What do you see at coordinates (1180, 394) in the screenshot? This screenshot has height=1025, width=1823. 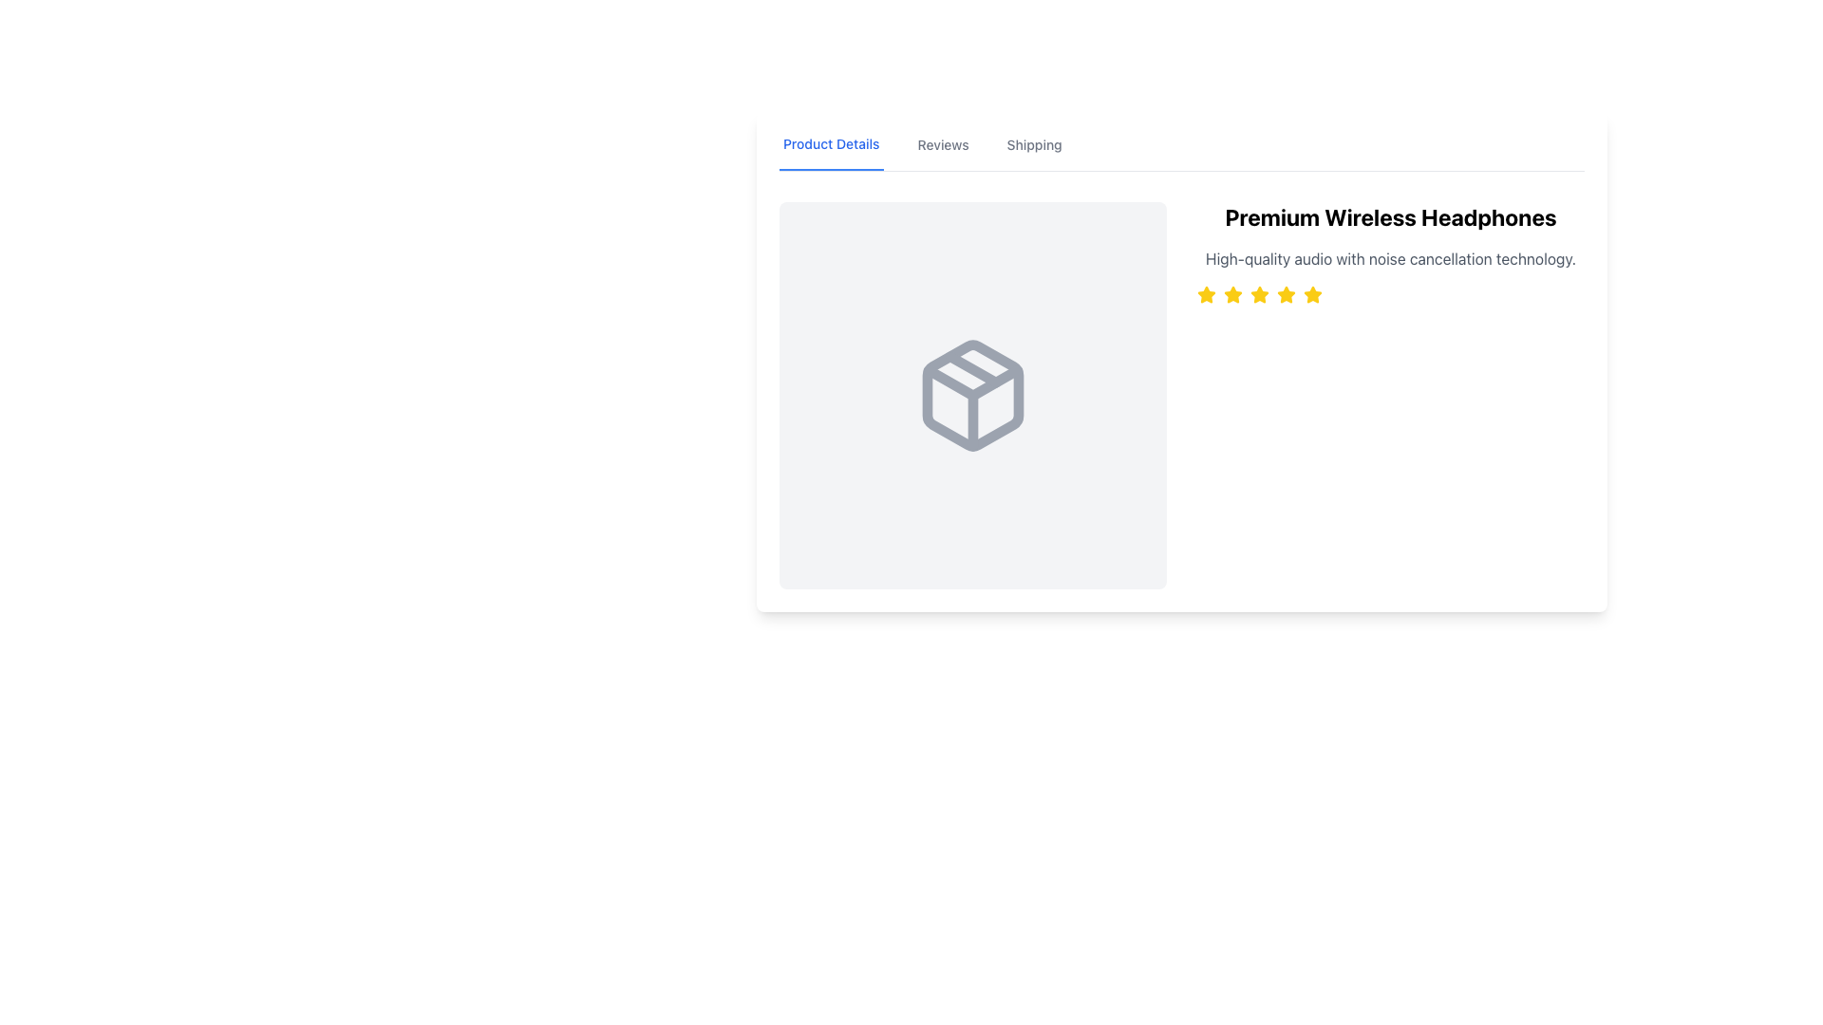 I see `the textual content block featuring the title 'Premium Wireless Headphones' and the description 'High-quality audio with noise cancellation technology.'` at bounding box center [1180, 394].